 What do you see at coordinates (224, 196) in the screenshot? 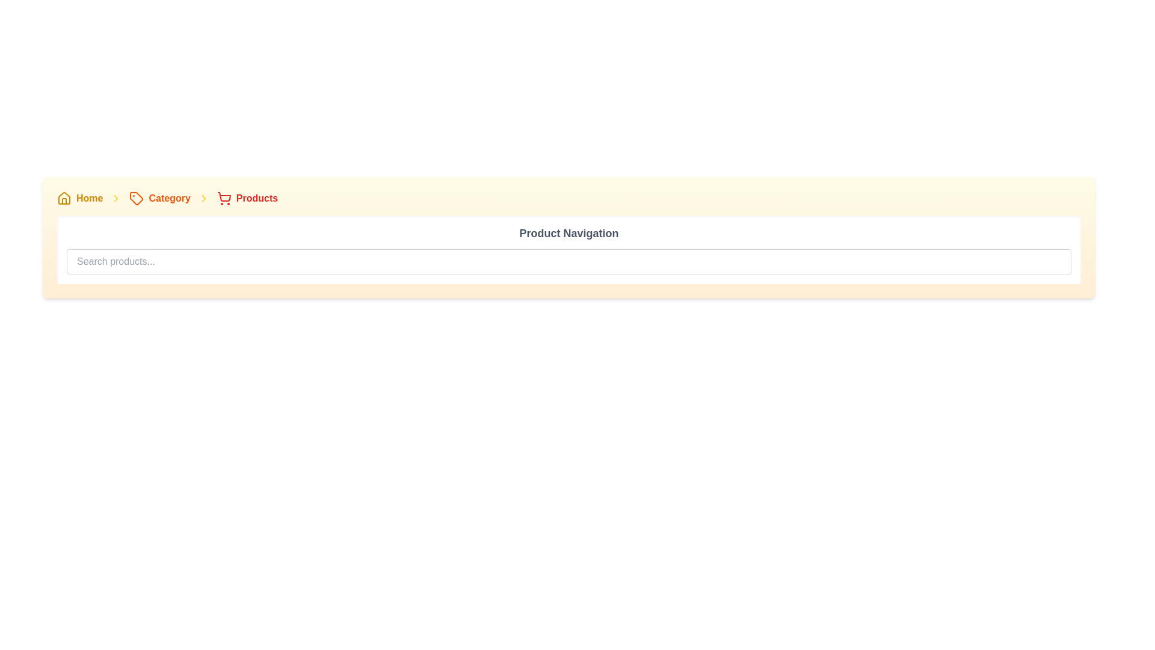
I see `the main body of the red shopping cart icon in the breadcrumb navigation bar, which is the fourth item under the 'Products' label` at bounding box center [224, 196].